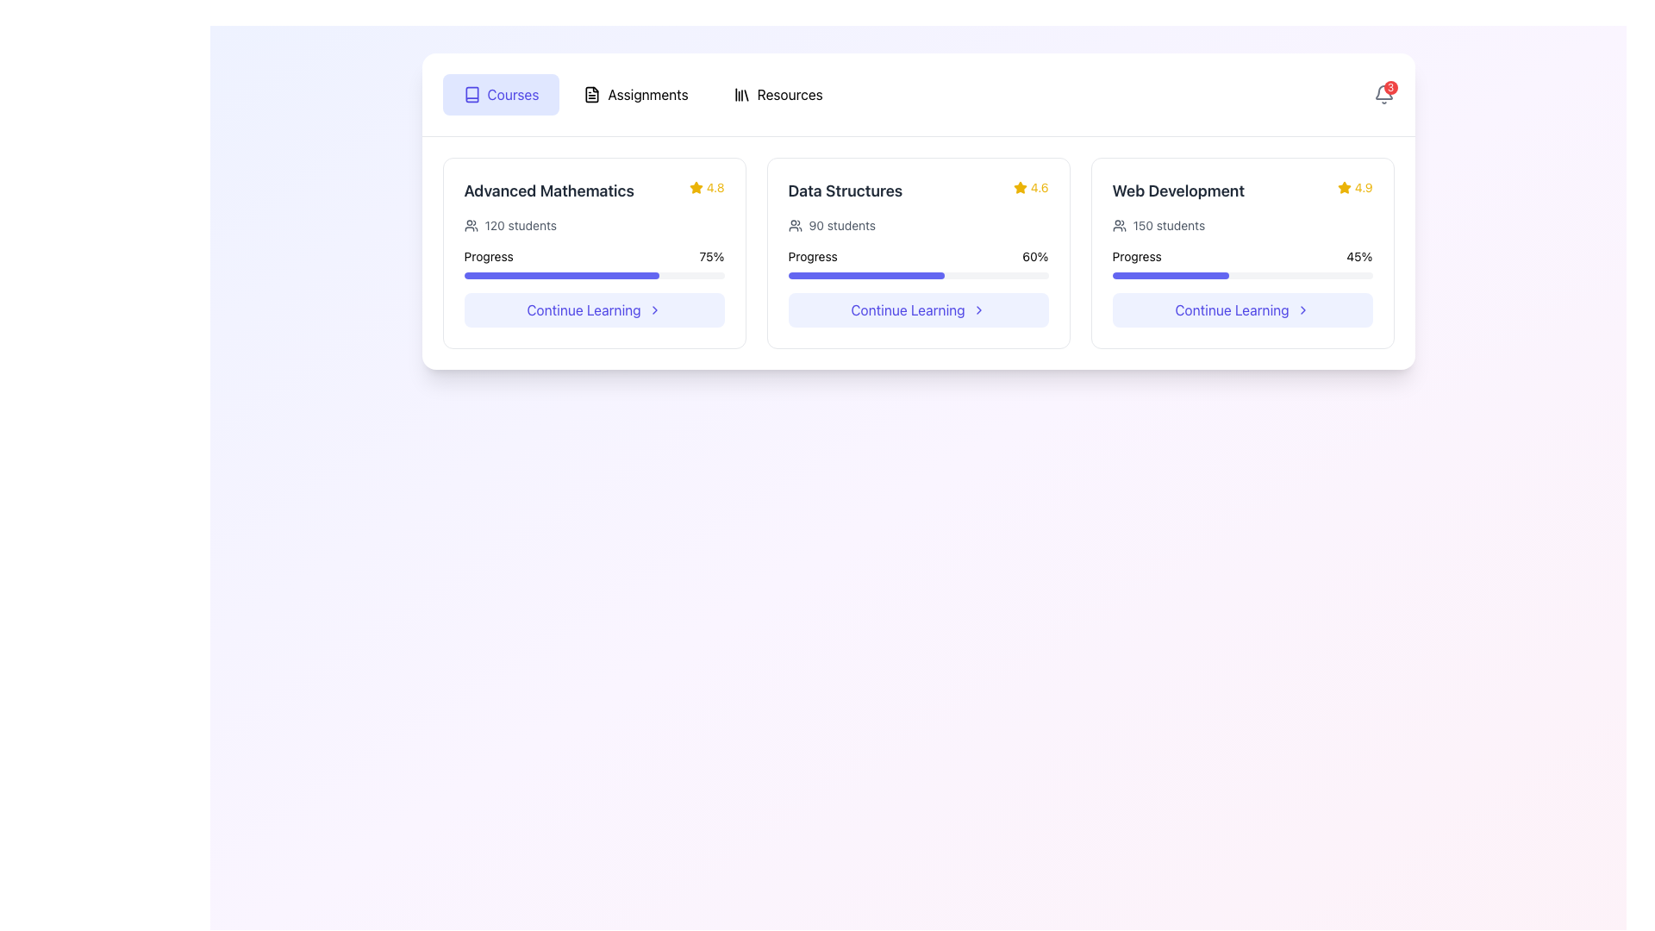 Image resolution: width=1655 pixels, height=931 pixels. I want to click on the Chevron icon located on the right-hand side of the 'Continue Learning' text in the 'Data Structures' card, positioned at the bottom center of the card, so click(978, 309).